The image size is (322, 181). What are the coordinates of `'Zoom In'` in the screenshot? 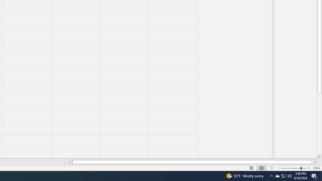 It's located at (308, 168).